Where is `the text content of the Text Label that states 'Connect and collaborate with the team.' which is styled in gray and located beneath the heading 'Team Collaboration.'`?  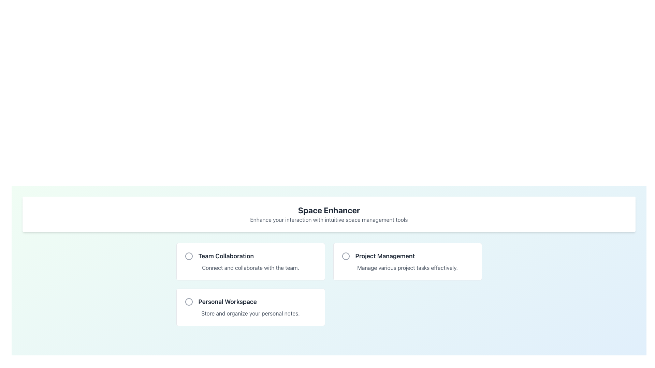
the text content of the Text Label that states 'Connect and collaborate with the team.' which is styled in gray and located beneath the heading 'Team Collaboration.' is located at coordinates (250, 267).